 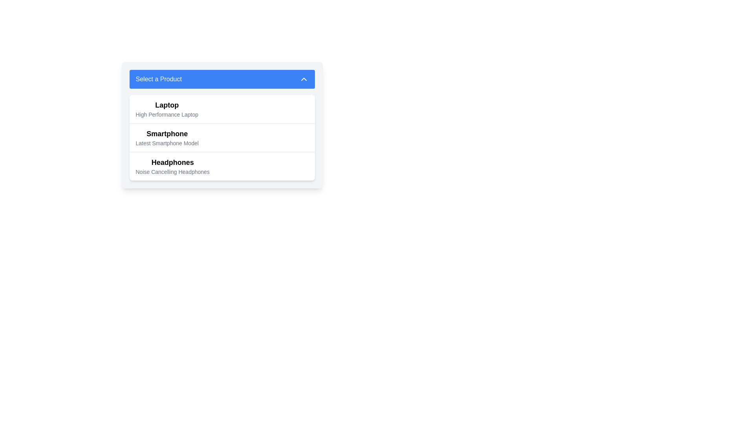 I want to click on the third item labeled 'Headphones' in the dropdown menu, so click(x=172, y=166).